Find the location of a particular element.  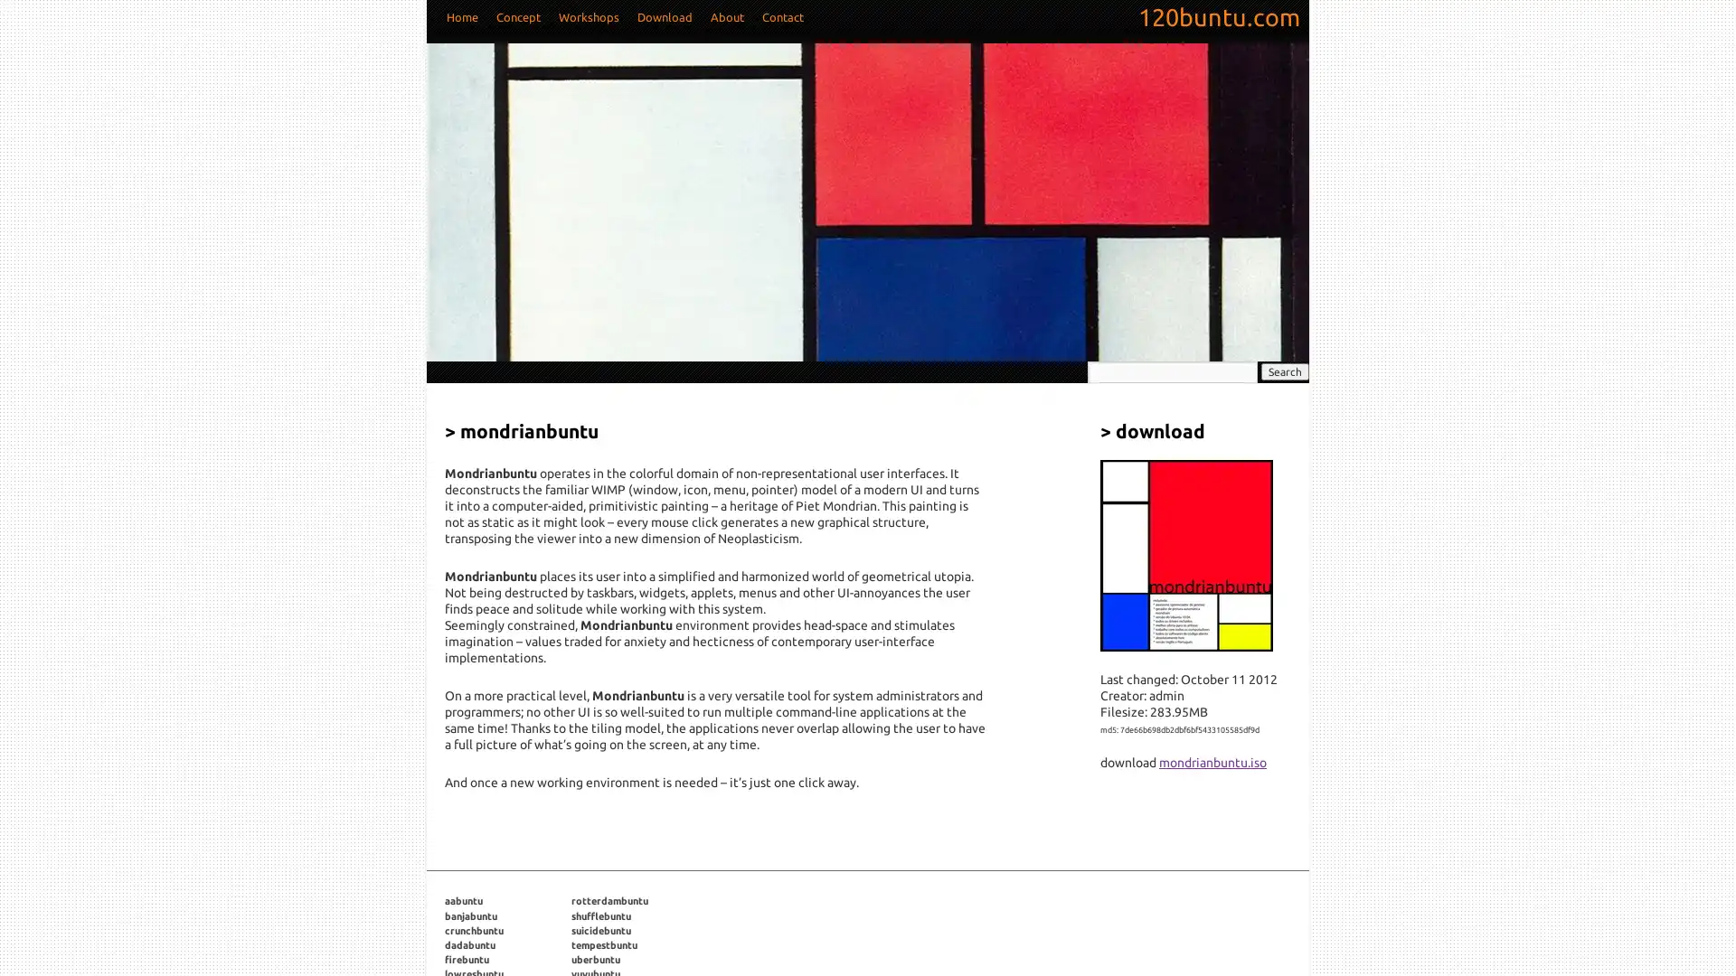

Search is located at coordinates (1284, 371).